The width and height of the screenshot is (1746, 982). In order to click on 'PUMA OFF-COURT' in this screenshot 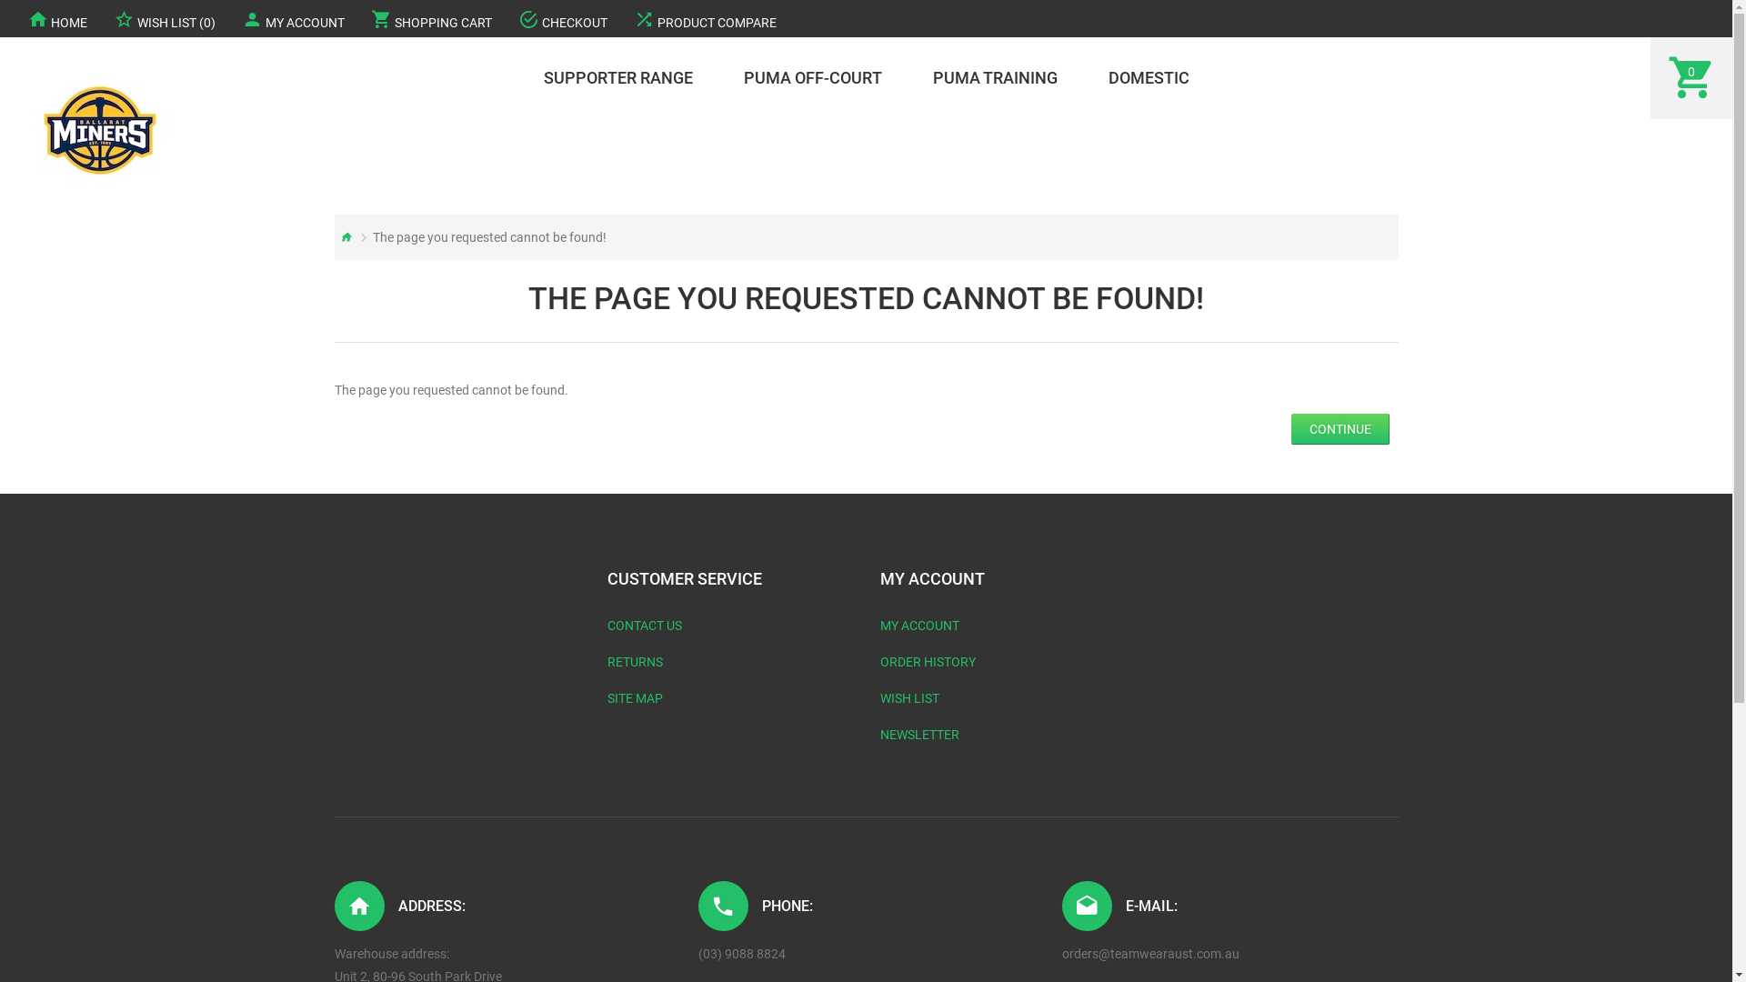, I will do `click(811, 76)`.